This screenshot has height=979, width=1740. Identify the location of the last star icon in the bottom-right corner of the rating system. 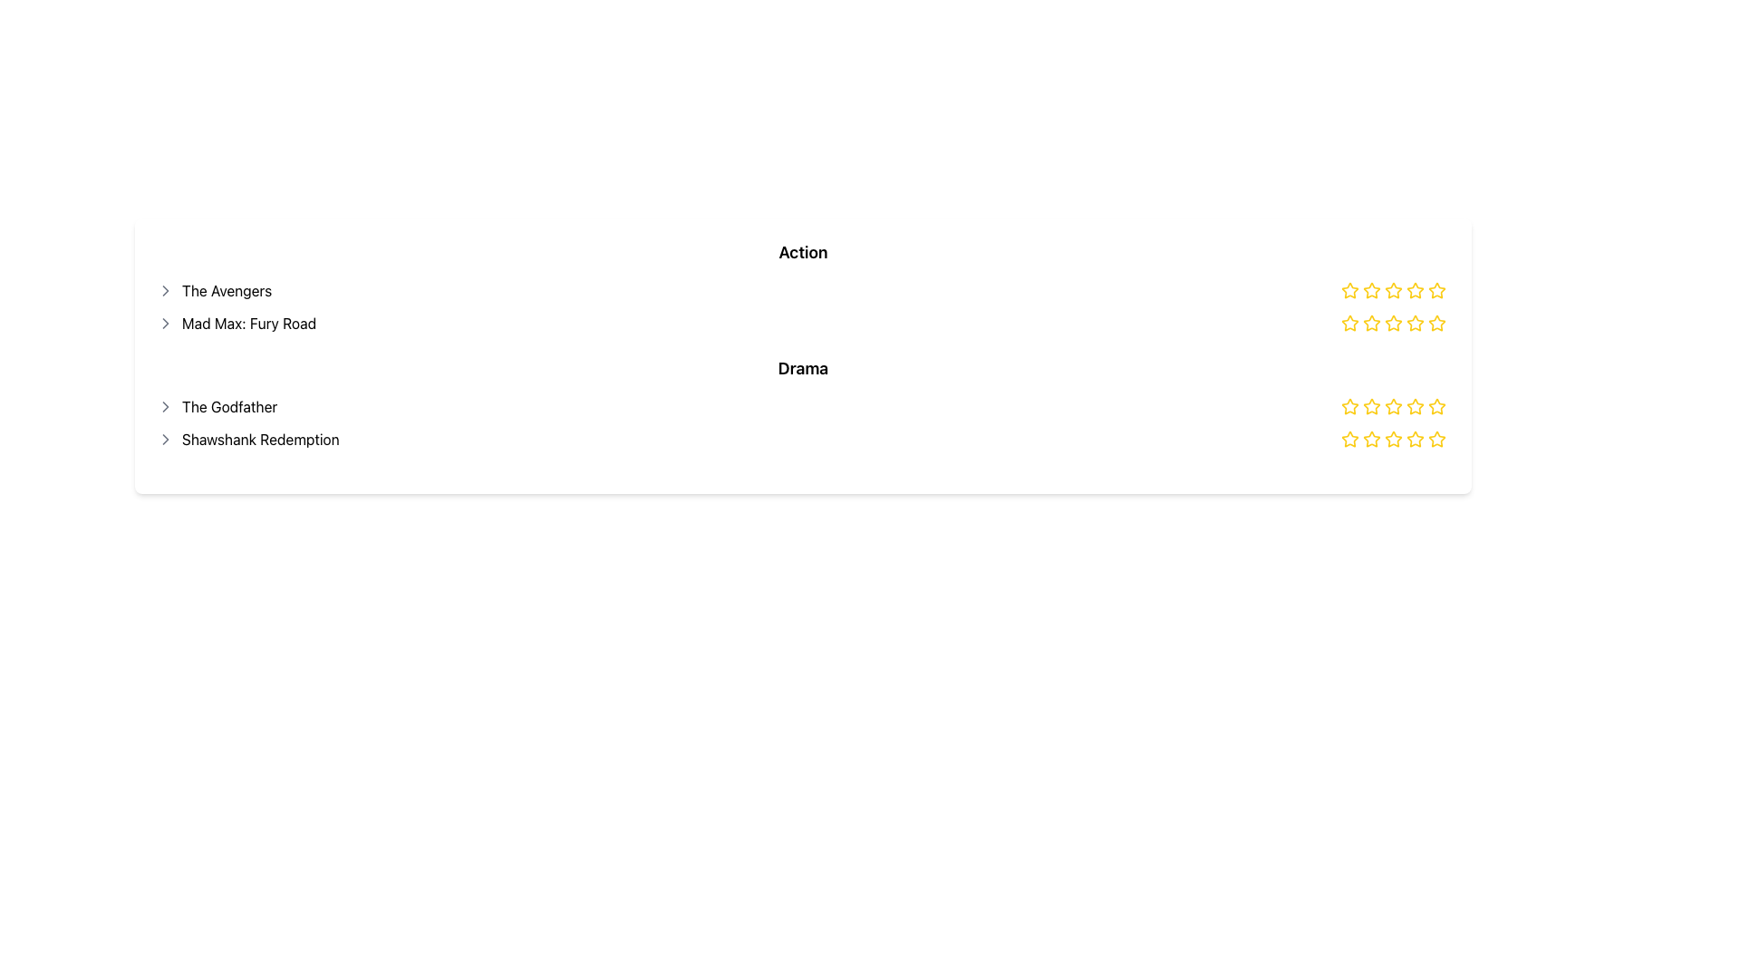
(1414, 439).